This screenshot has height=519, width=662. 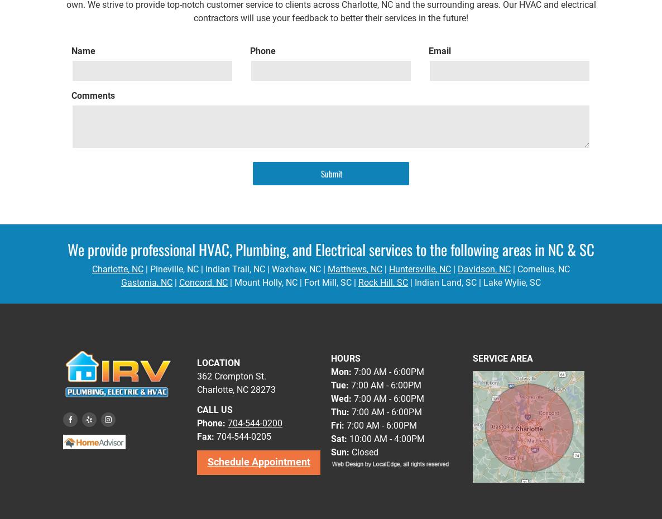 What do you see at coordinates (227, 282) in the screenshot?
I see `'| Mount Holly, NC'` at bounding box center [227, 282].